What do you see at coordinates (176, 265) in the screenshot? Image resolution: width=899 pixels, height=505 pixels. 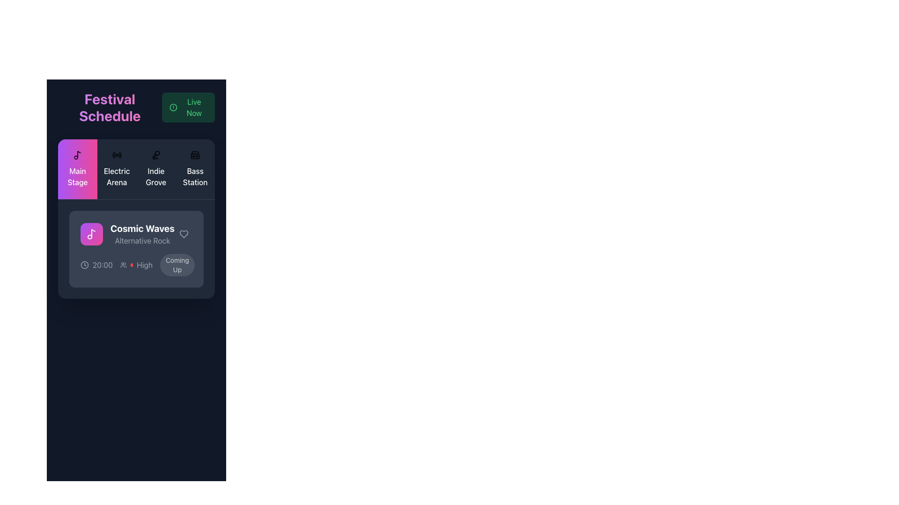 I see `text description of the pill-shaped button labeled 'Coming Up', which is located in the last column of a three-column grid layout under the 'Main Stage' tab` at bounding box center [176, 265].